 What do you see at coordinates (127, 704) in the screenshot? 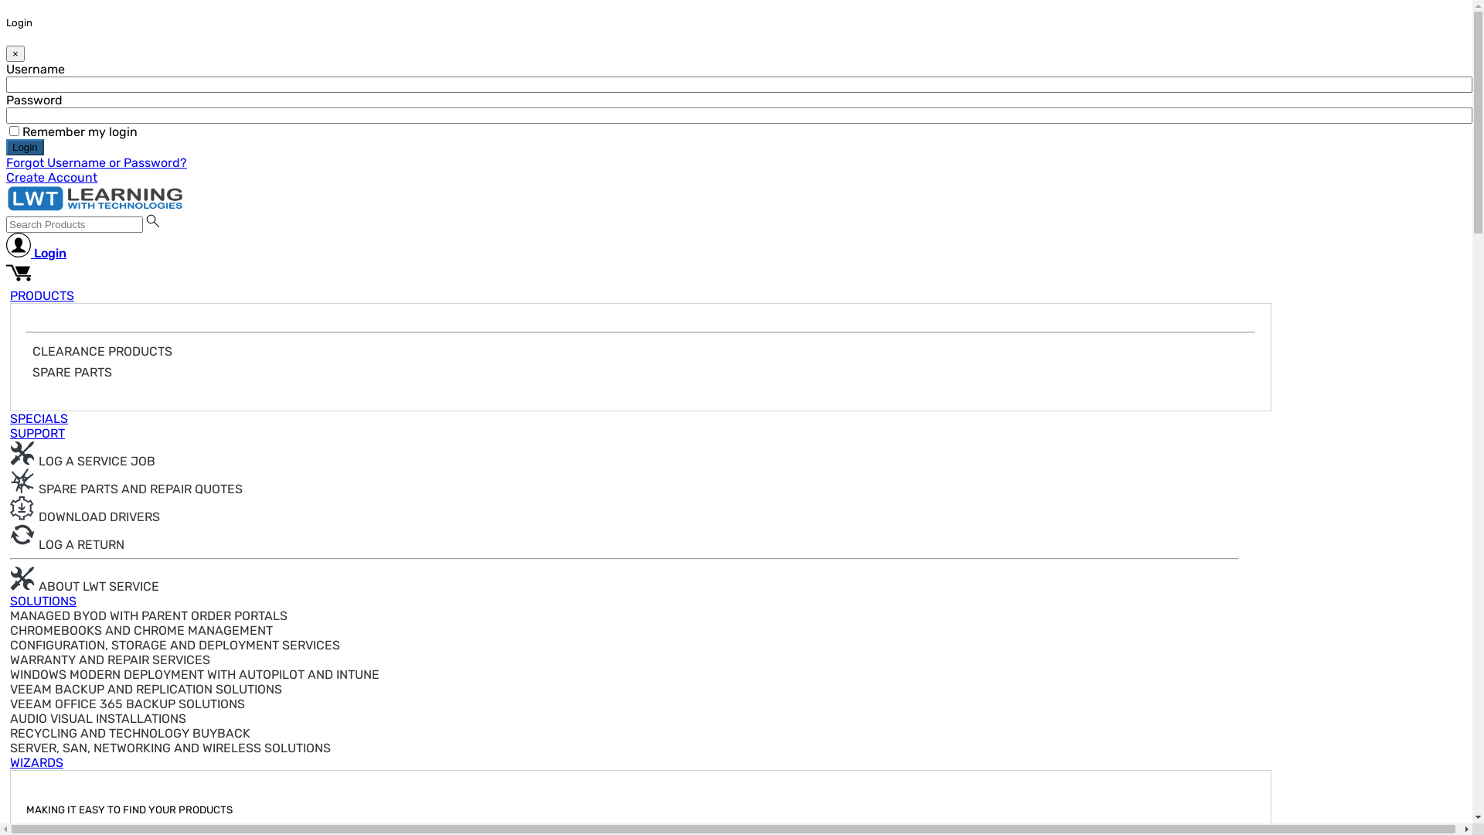
I see `'VEEAM OFFICE 365 BACKUP SOLUTIONS'` at bounding box center [127, 704].